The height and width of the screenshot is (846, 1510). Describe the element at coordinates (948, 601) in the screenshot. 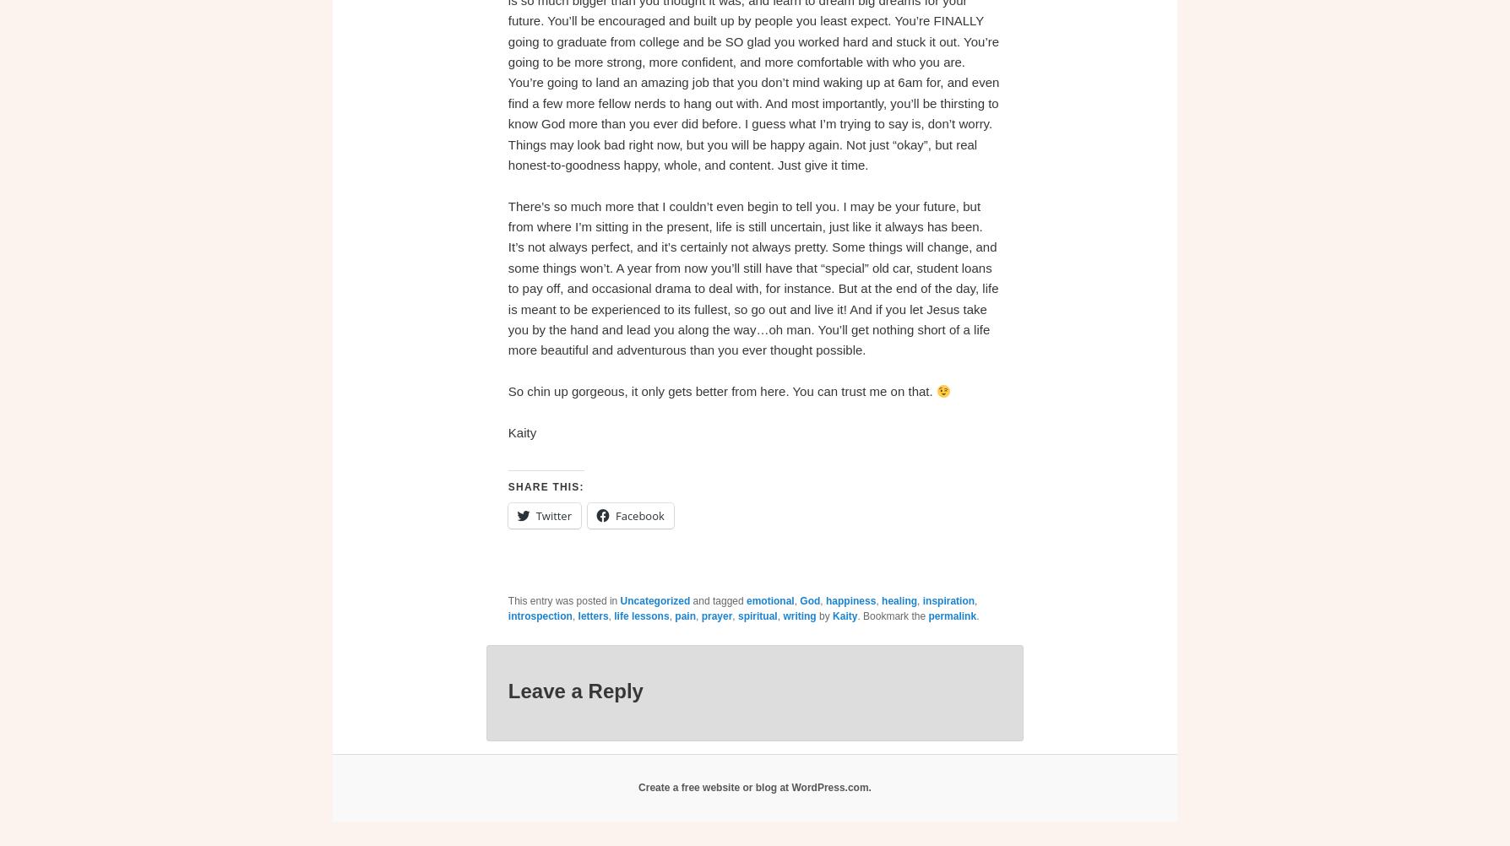

I see `'inspiration'` at that location.